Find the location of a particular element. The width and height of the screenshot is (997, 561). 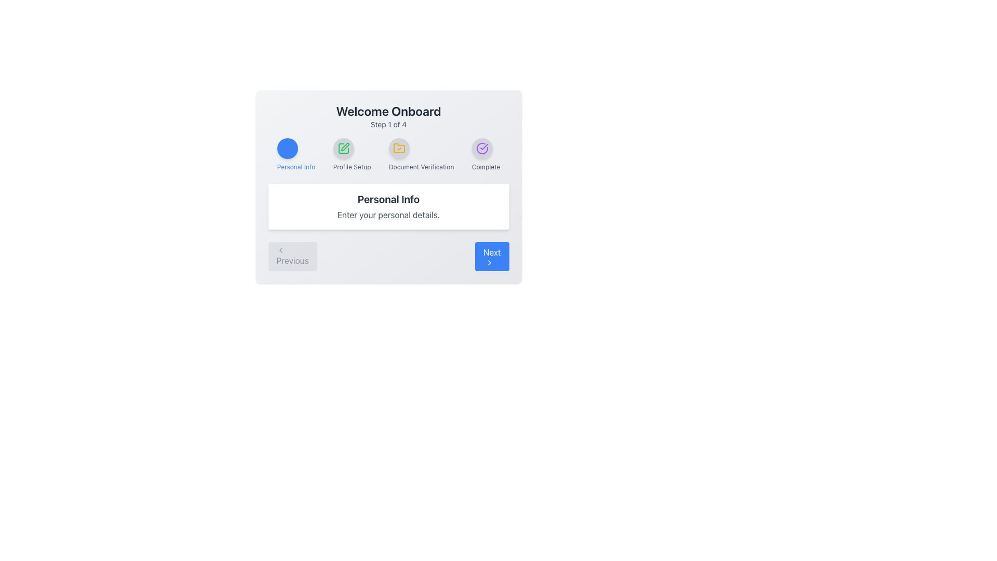

the checkmark icon with a thin, purple stroke inside the circular icon representing the completion status of onboarding steps, located on the rightmost side under the 'Complete' title is located at coordinates (483, 146).